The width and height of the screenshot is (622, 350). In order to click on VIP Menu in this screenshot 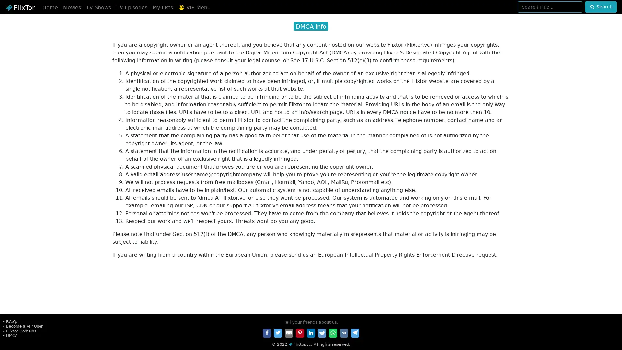, I will do `click(194, 7)`.